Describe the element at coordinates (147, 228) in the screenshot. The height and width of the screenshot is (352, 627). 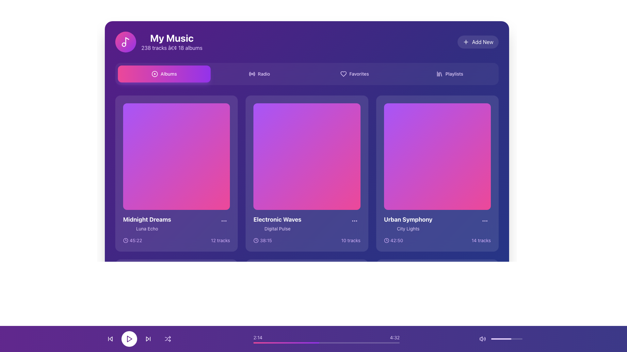
I see `the text label displaying the subtitle or artist information for the 'Midnight Dreams' album, located within the first card of the horizontally-aligned collection` at that location.